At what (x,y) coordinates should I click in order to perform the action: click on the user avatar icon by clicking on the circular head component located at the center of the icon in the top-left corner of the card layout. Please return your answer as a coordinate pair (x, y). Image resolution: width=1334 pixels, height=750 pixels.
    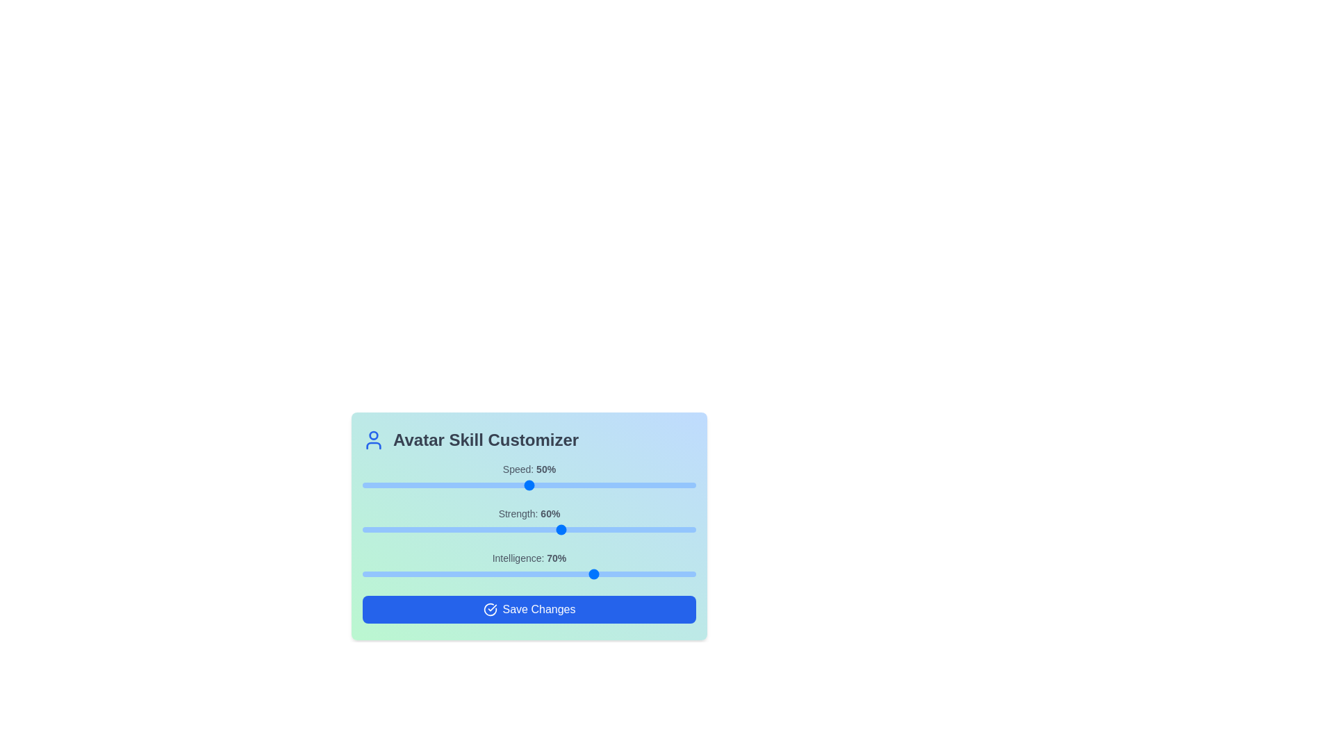
    Looking at the image, I should click on (373, 435).